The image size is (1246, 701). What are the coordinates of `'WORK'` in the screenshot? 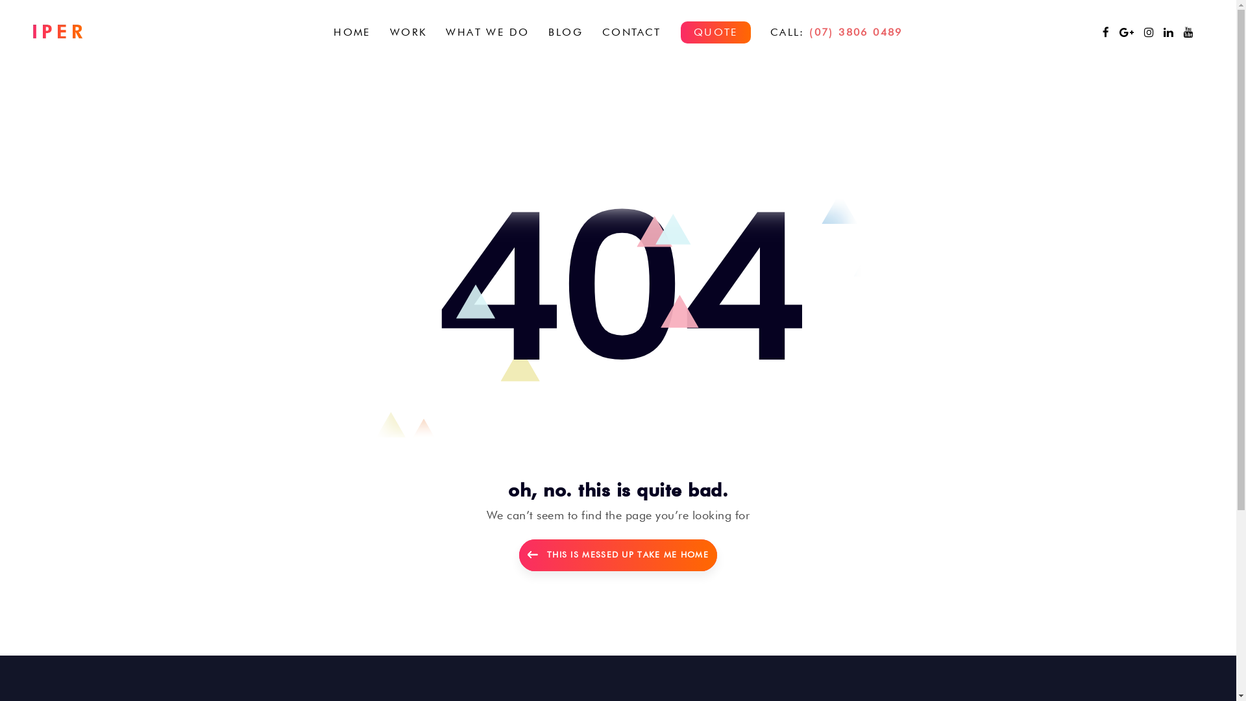 It's located at (408, 31).